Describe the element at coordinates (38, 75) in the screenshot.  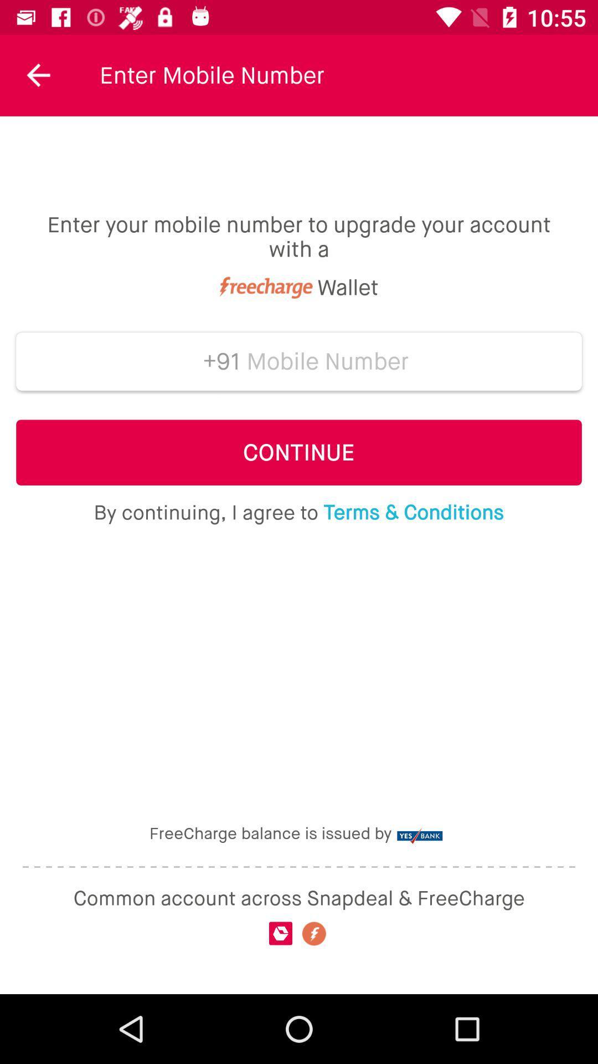
I see `go back` at that location.